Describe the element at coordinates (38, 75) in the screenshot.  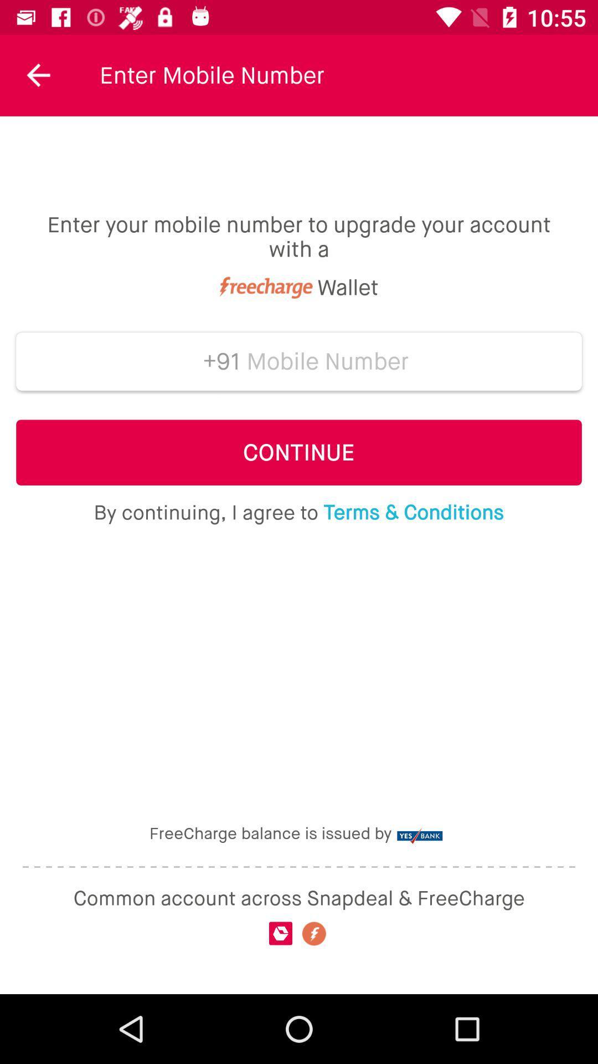
I see `go back` at that location.